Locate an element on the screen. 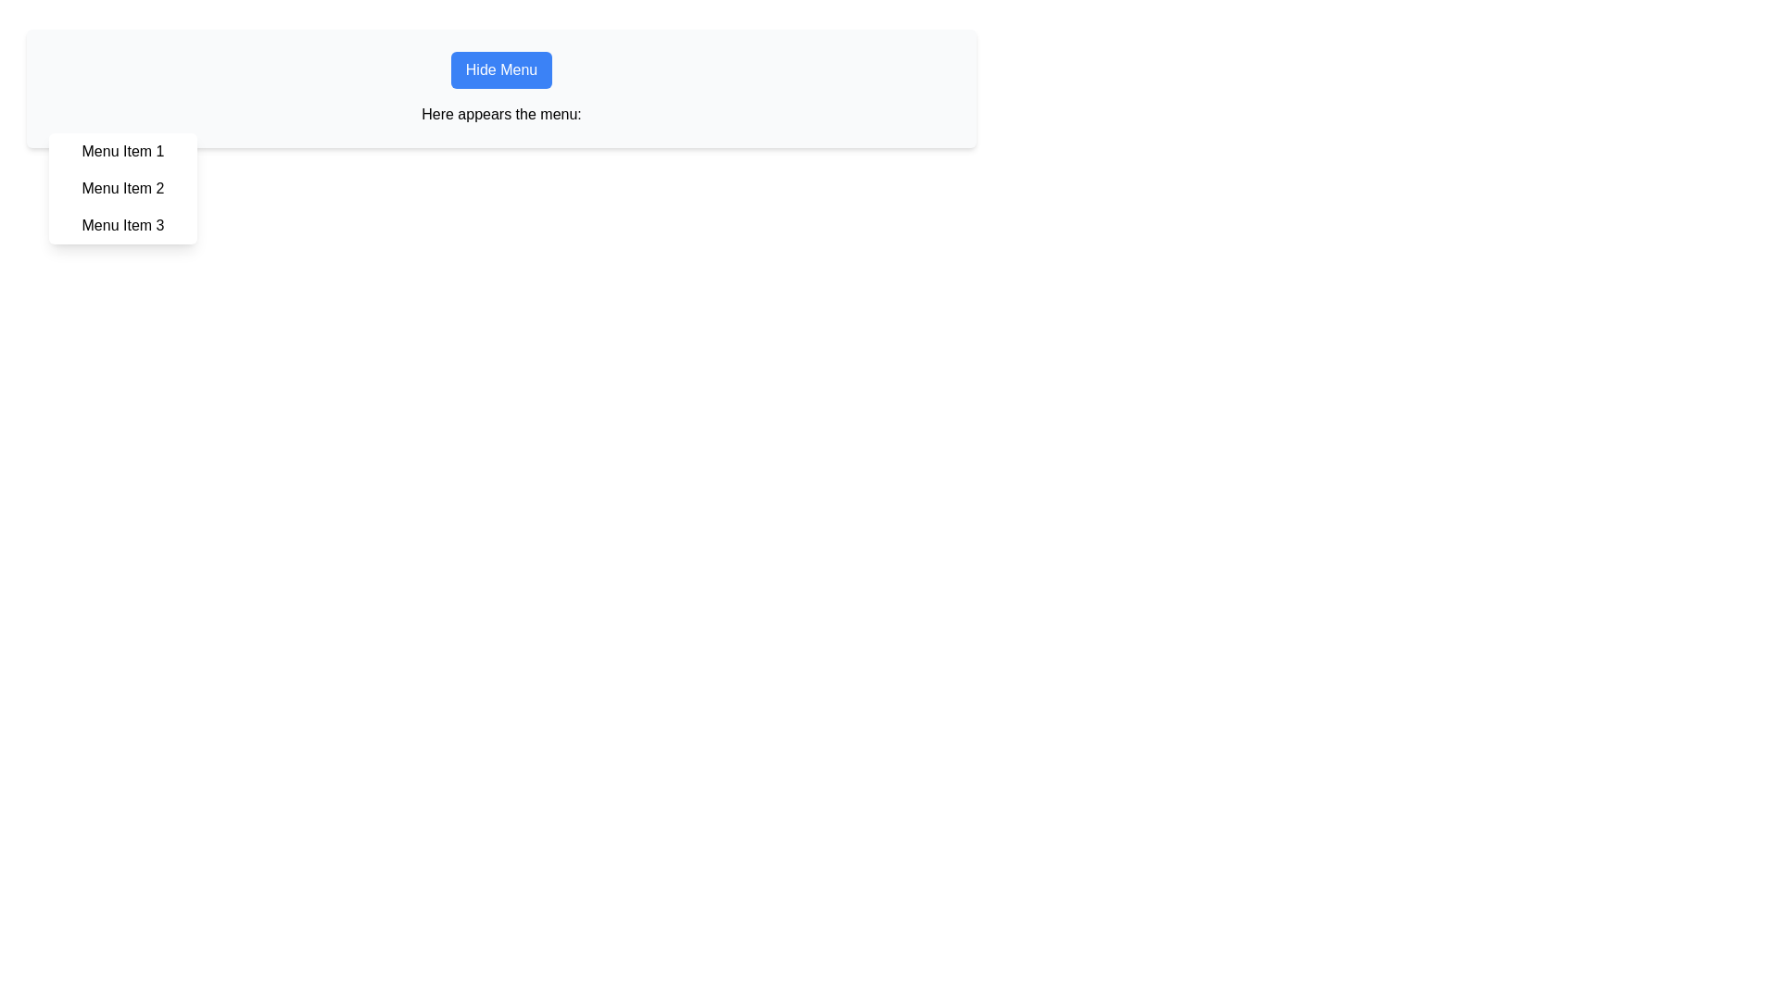 Image resolution: width=1779 pixels, height=1000 pixels. the Dropdown Menu located below the text 'Here appears the menu:' is located at coordinates (122, 189).